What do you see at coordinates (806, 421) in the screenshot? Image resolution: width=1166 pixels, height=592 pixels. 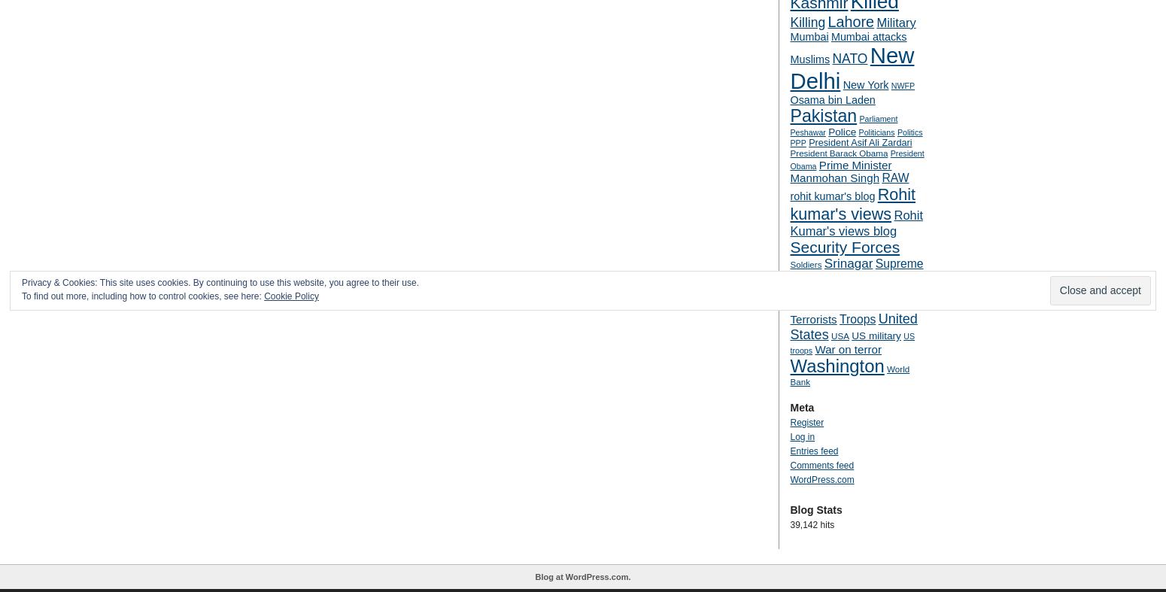 I see `'Register'` at bounding box center [806, 421].